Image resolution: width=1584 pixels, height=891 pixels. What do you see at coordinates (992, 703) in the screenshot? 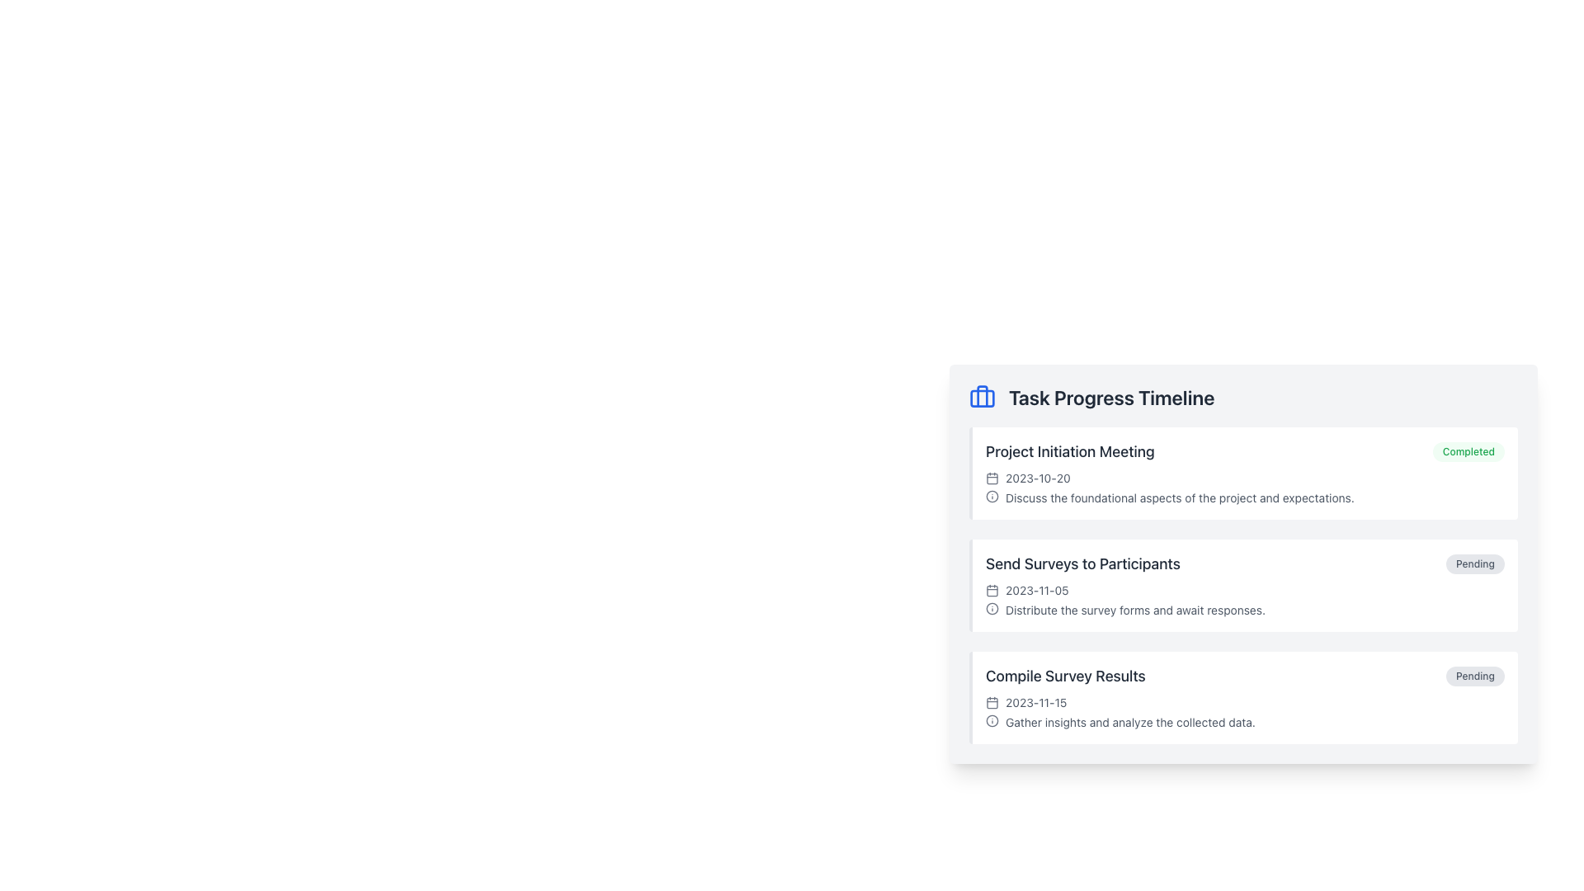
I see `the calendar icon located on the left side of the date block showing '2023-11-15' in the timeline entry titled 'Compile Survey Results'` at bounding box center [992, 703].